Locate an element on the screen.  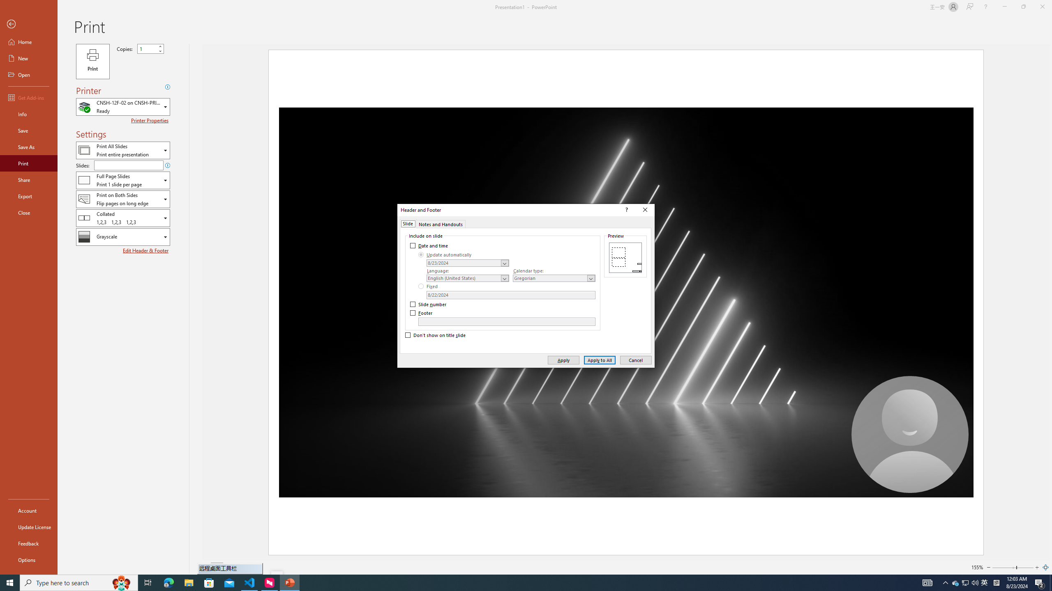
'Export' is located at coordinates (28, 196).